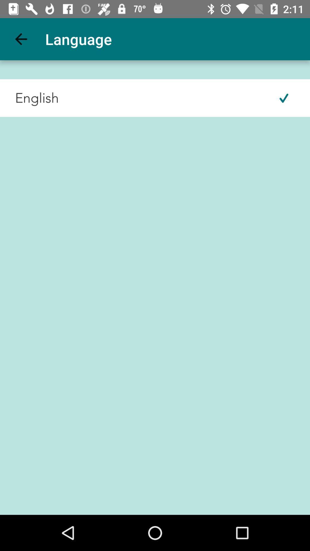  Describe the element at coordinates (21, 39) in the screenshot. I see `icon to the left of language item` at that location.